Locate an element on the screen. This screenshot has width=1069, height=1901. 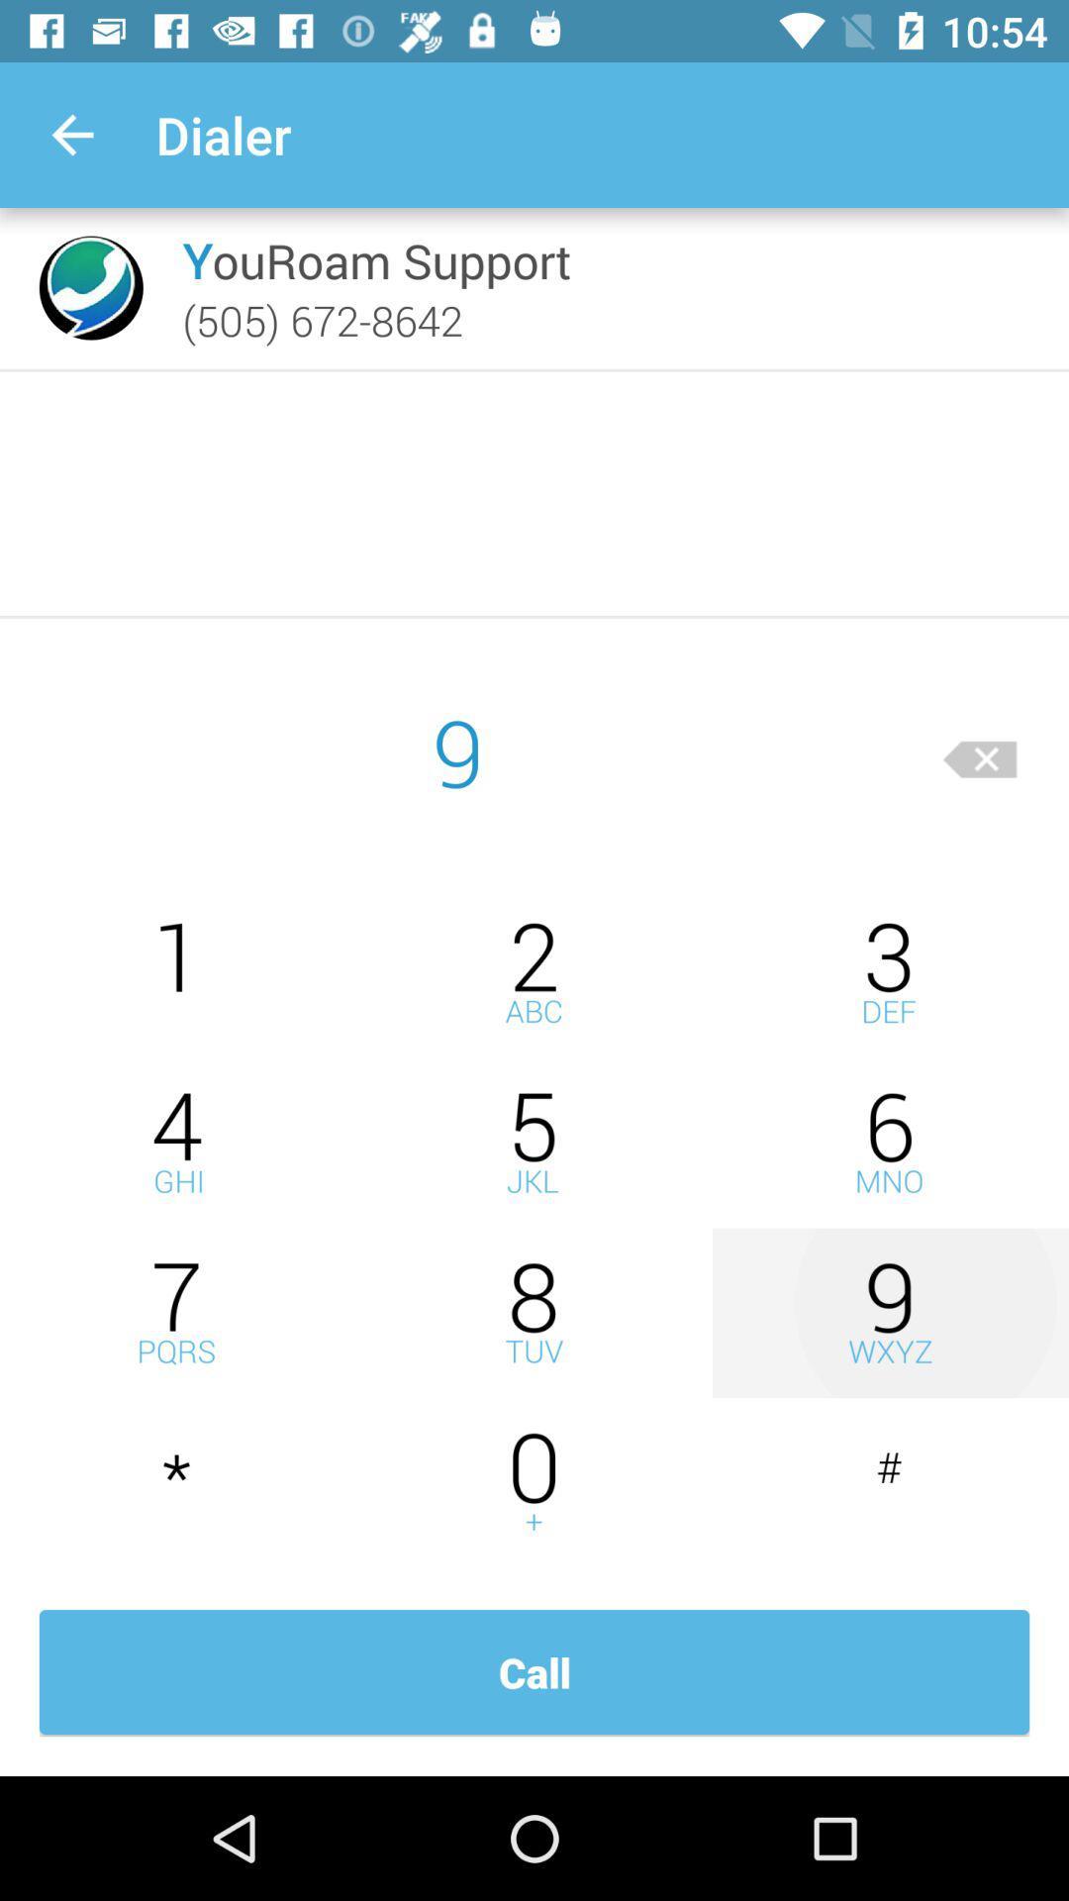
seven is located at coordinates (178, 1313).